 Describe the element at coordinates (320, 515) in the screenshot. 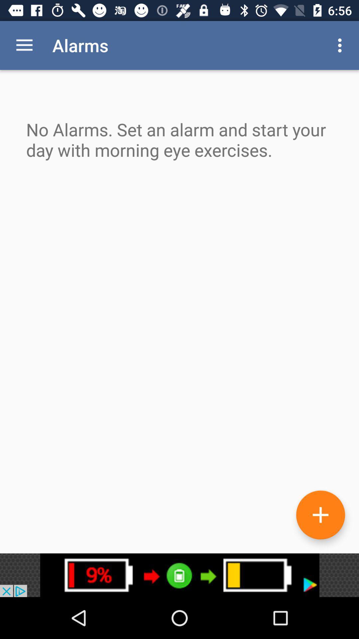

I see `alarm` at that location.